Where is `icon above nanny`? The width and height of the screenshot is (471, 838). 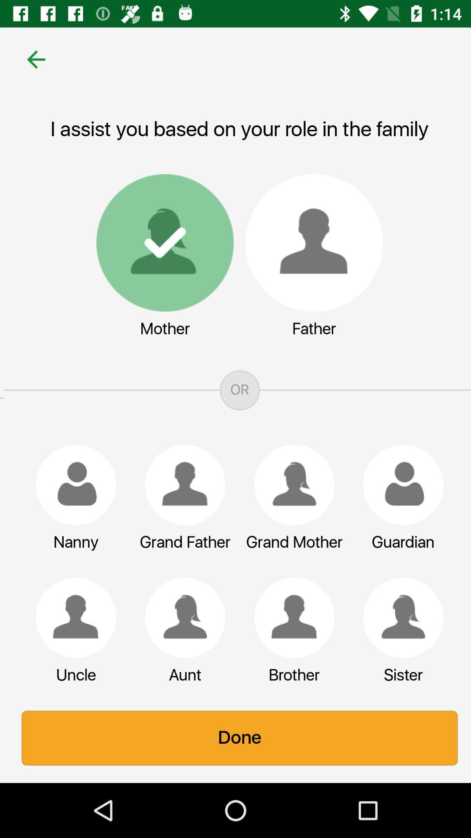
icon above nanny is located at coordinates (71, 484).